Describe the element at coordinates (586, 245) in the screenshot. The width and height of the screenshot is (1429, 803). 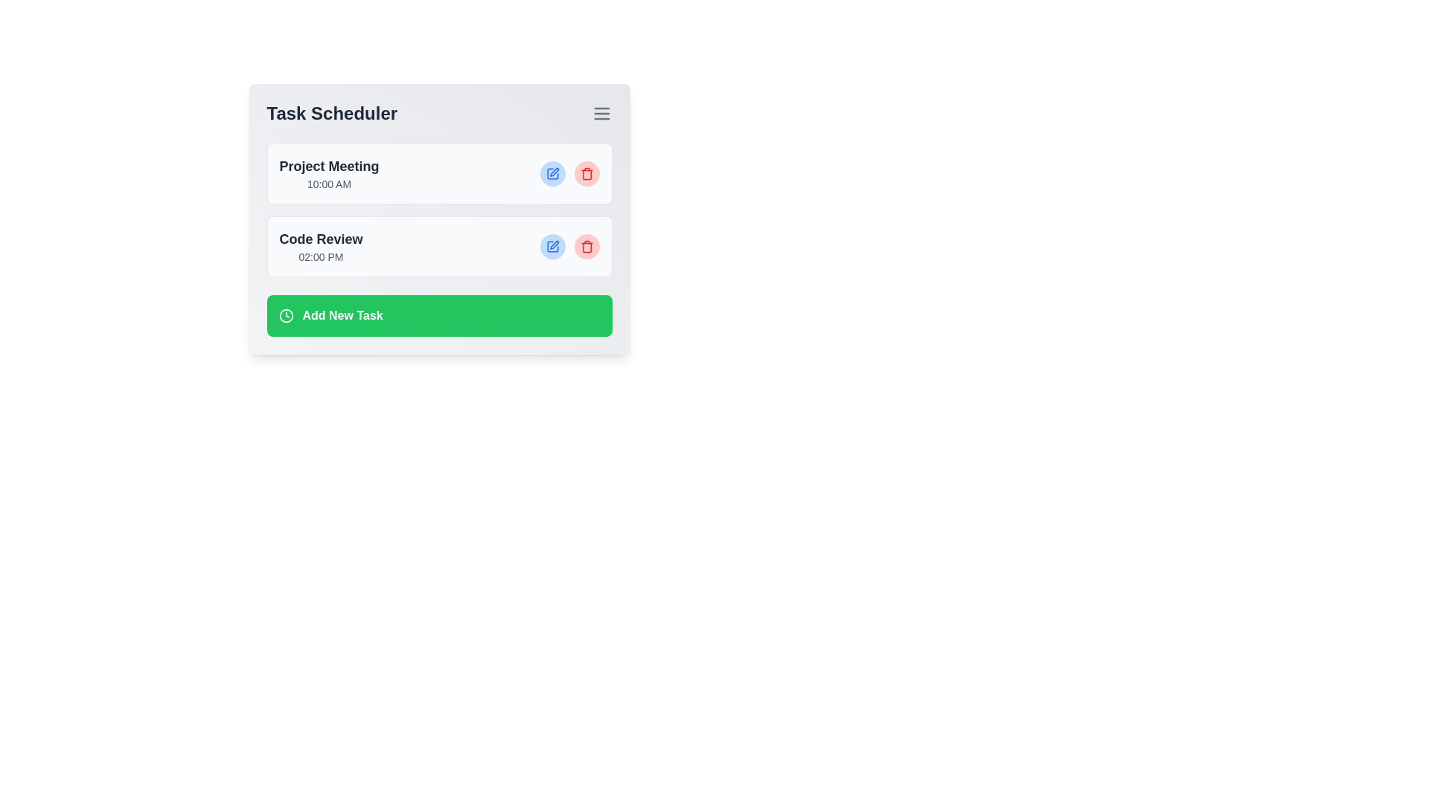
I see `the delete icon located to the right of the 'Code Review' task entry` at that location.